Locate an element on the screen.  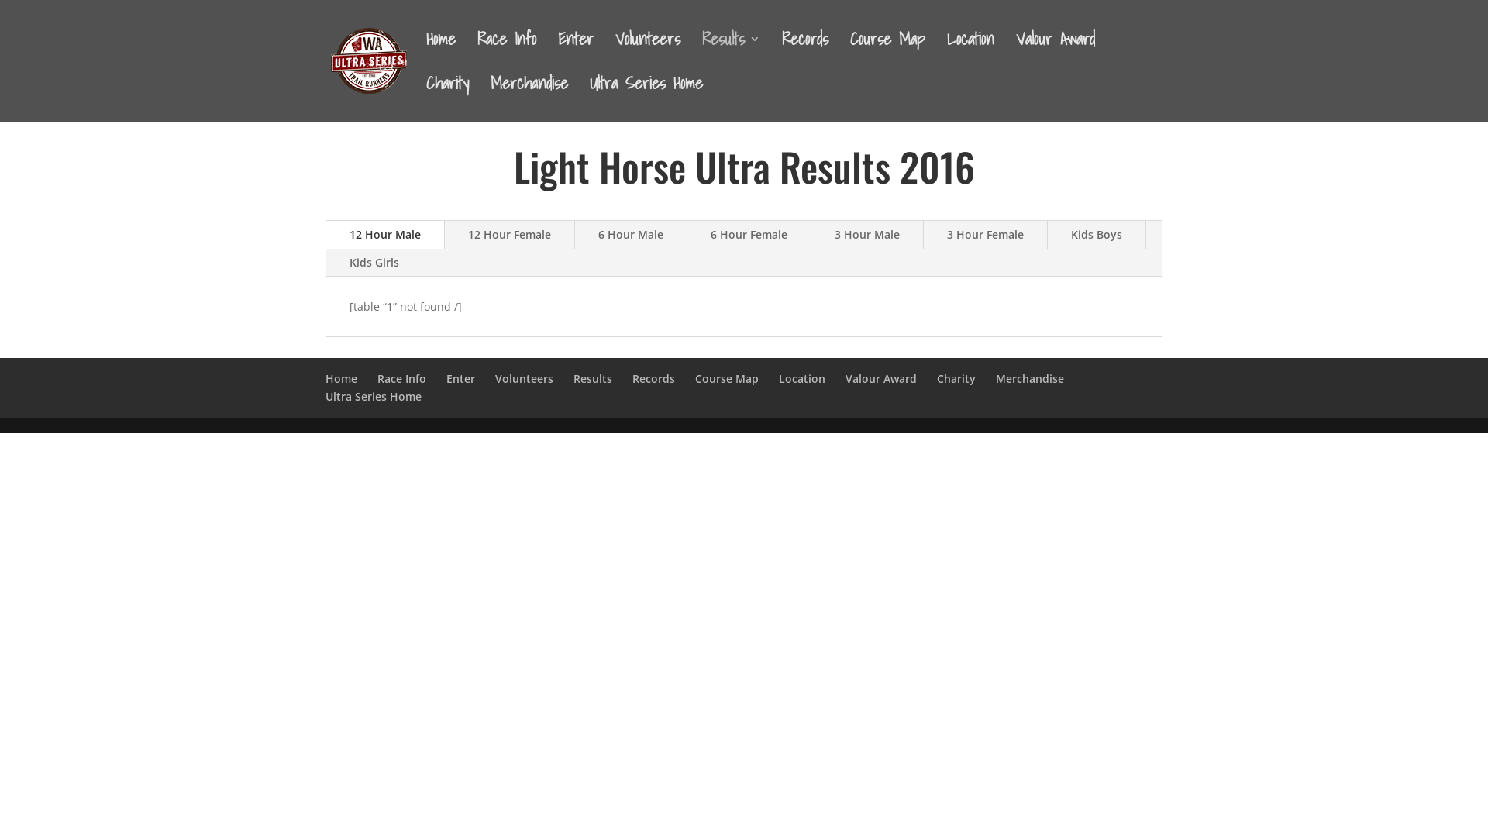
'Ultra Series Home' is located at coordinates (373, 395).